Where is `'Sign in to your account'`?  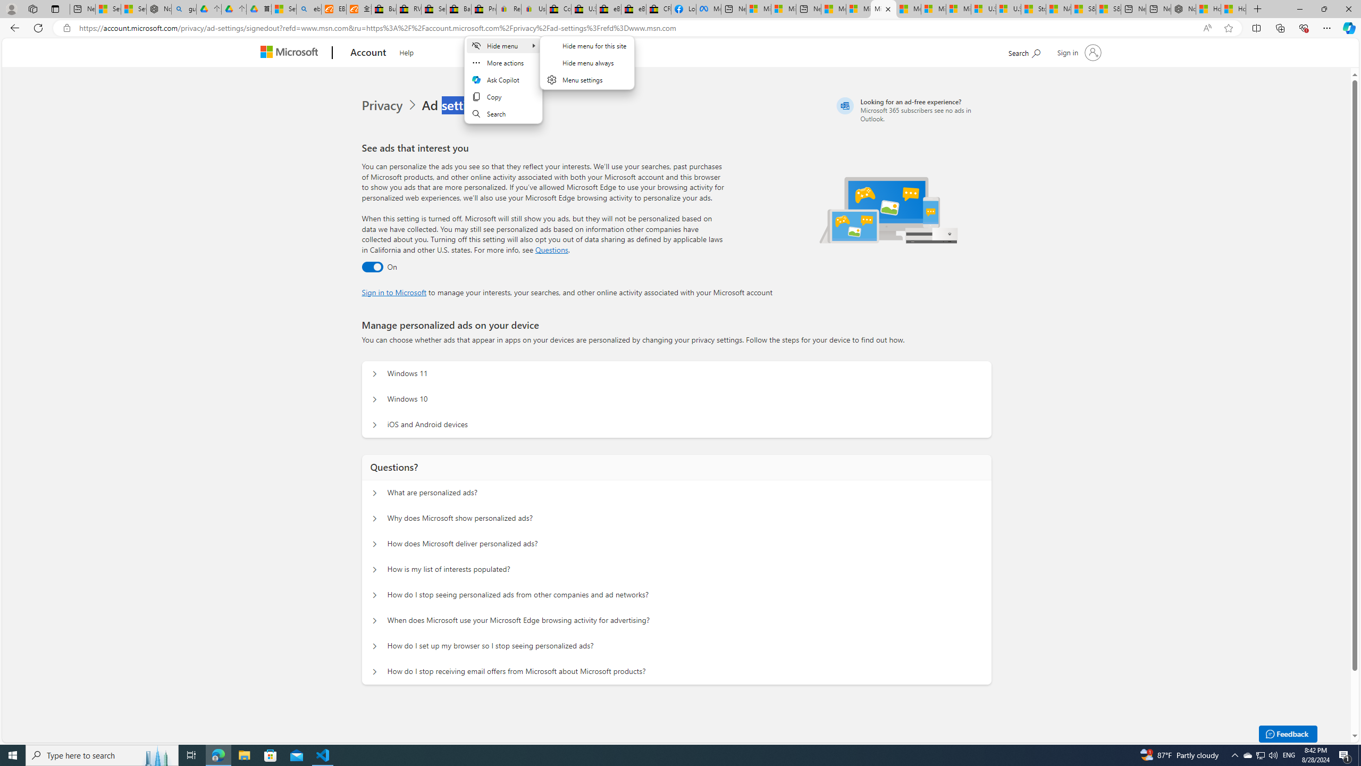
'Sign in to your account' is located at coordinates (1077, 52).